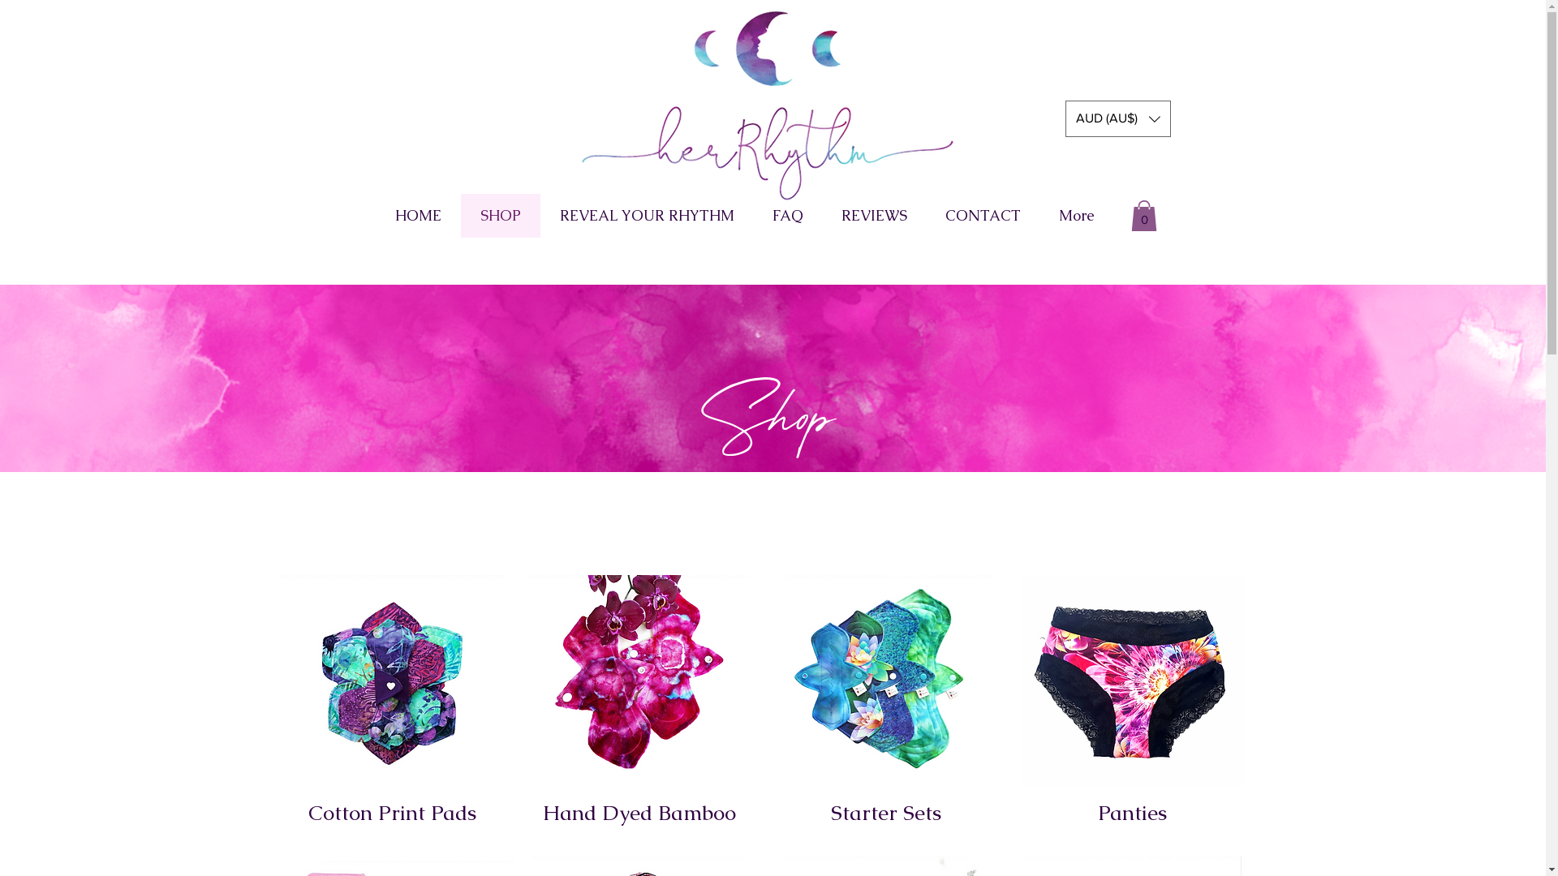  I want to click on 'HOME', so click(417, 215).